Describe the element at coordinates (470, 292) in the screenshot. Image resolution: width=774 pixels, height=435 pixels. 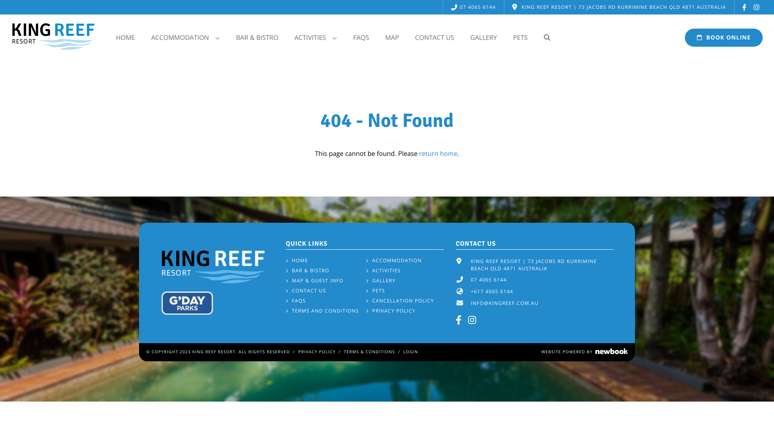
I see `'+617 4065 6144'` at that location.